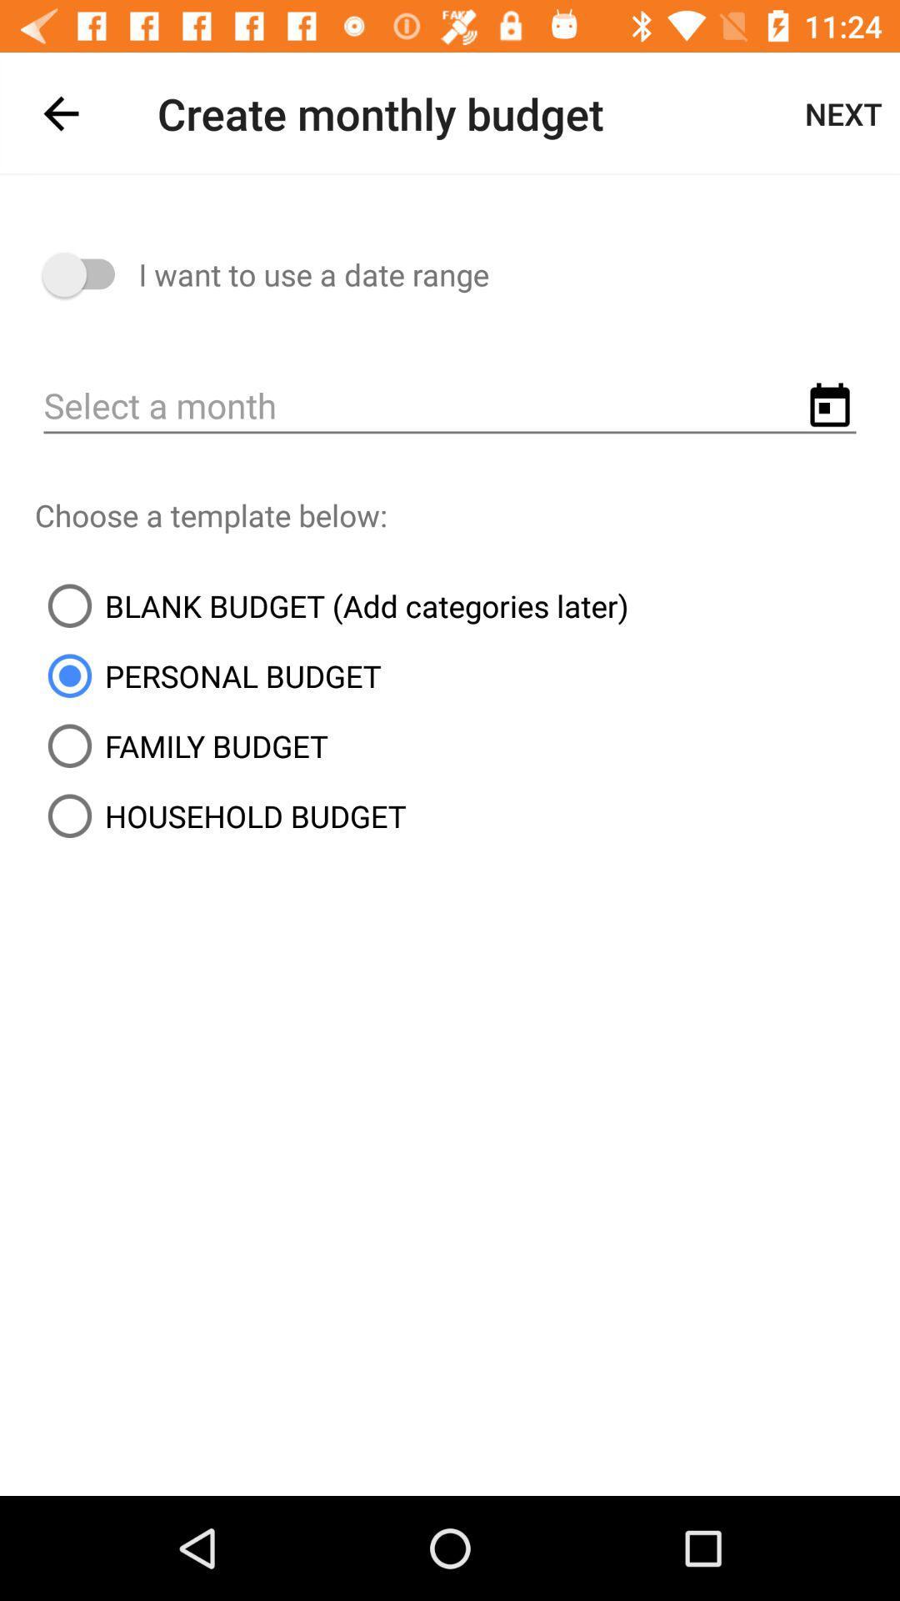  What do you see at coordinates (332, 605) in the screenshot?
I see `item at the center` at bounding box center [332, 605].